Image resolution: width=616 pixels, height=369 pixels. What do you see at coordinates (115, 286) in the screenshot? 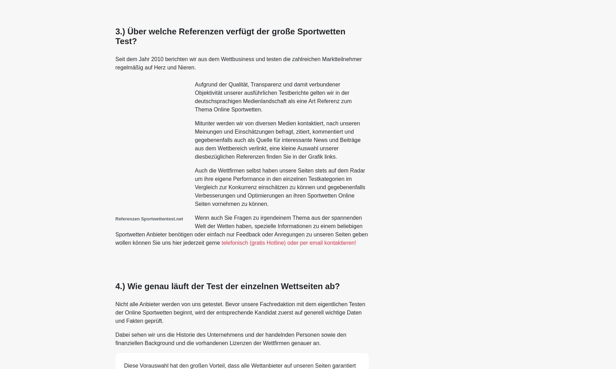
I see `'4.) Wie genau läuft der Test der einzelnen Wettseiten ab?'` at bounding box center [115, 286].